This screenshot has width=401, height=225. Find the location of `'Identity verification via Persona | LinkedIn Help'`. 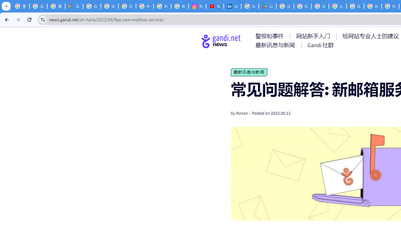

'Identity verification via Persona | LinkedIn Help' is located at coordinates (232, 6).